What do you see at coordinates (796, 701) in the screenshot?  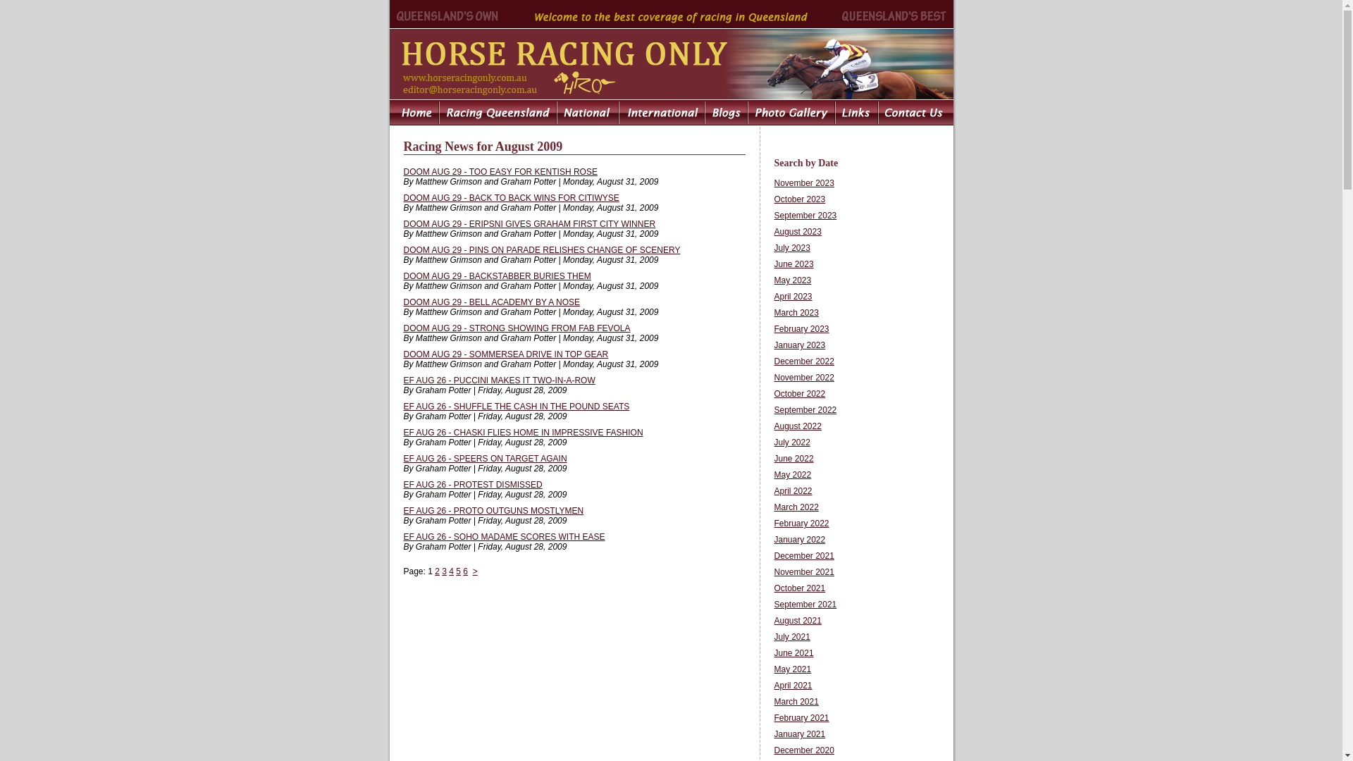 I see `'March 2021'` at bounding box center [796, 701].